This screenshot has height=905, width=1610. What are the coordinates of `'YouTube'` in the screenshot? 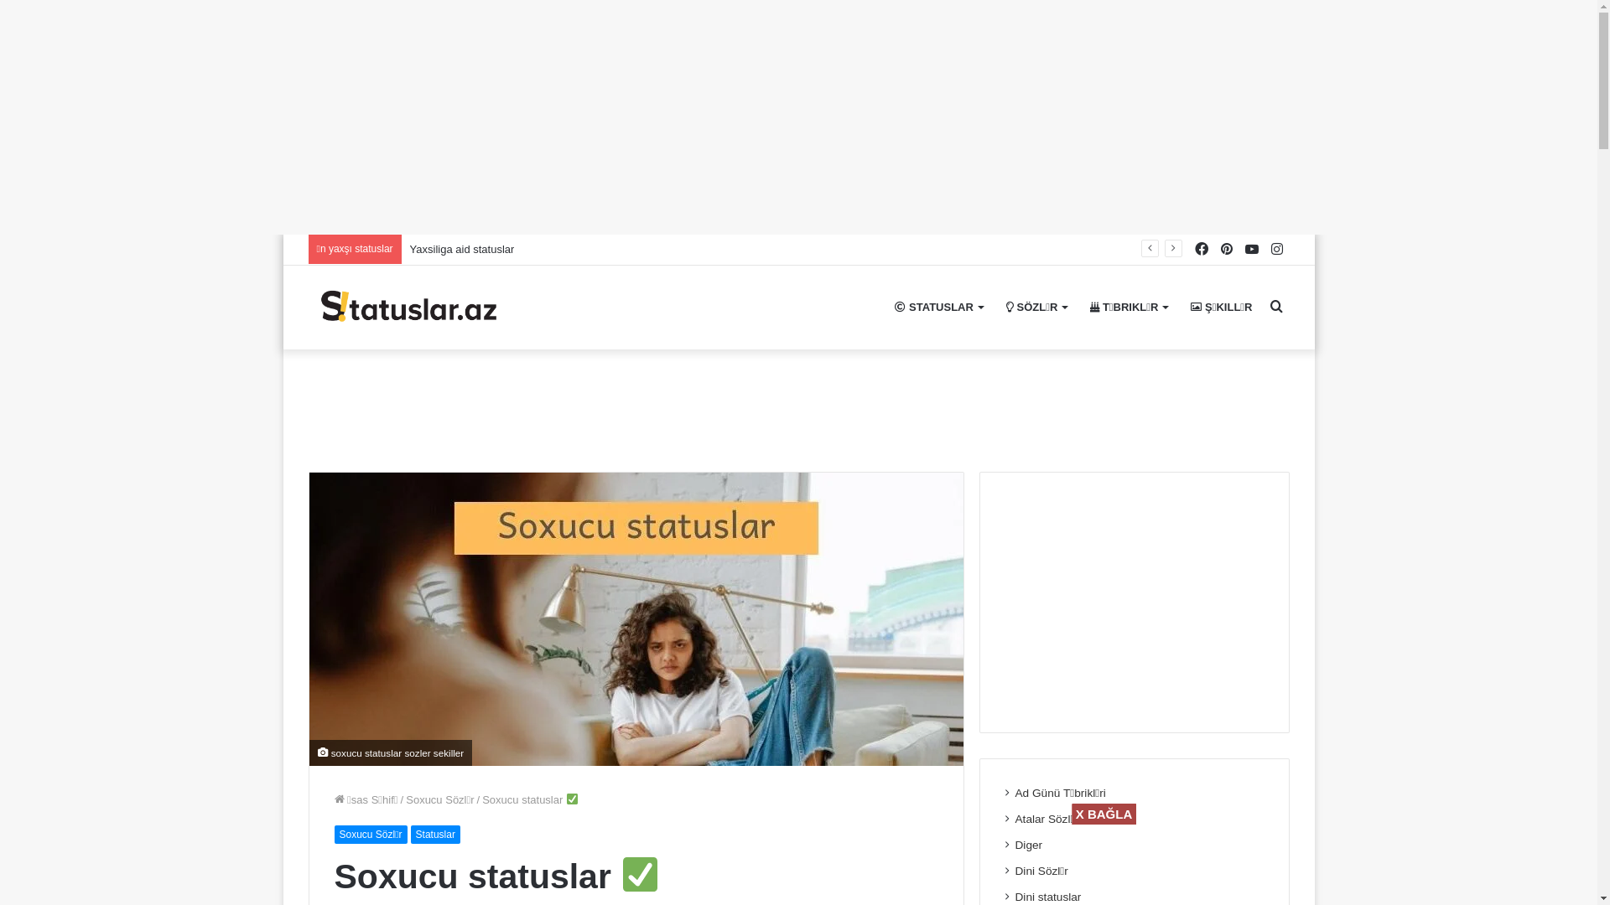 It's located at (1251, 249).